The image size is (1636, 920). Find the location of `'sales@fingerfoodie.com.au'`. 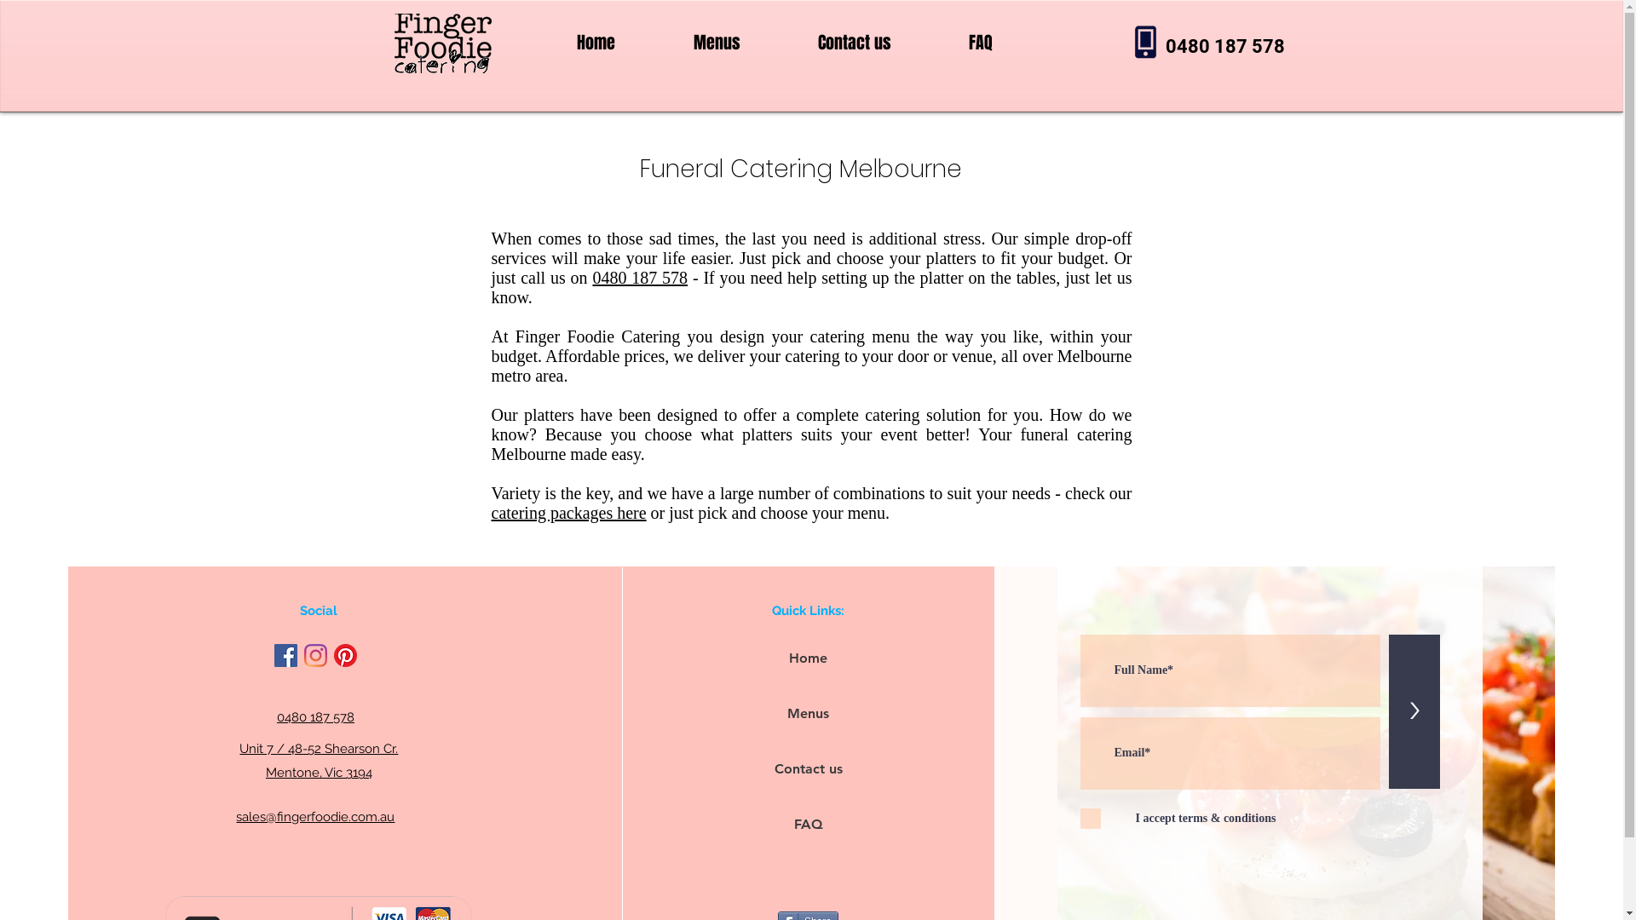

'sales@fingerfoodie.com.au' is located at coordinates (314, 816).